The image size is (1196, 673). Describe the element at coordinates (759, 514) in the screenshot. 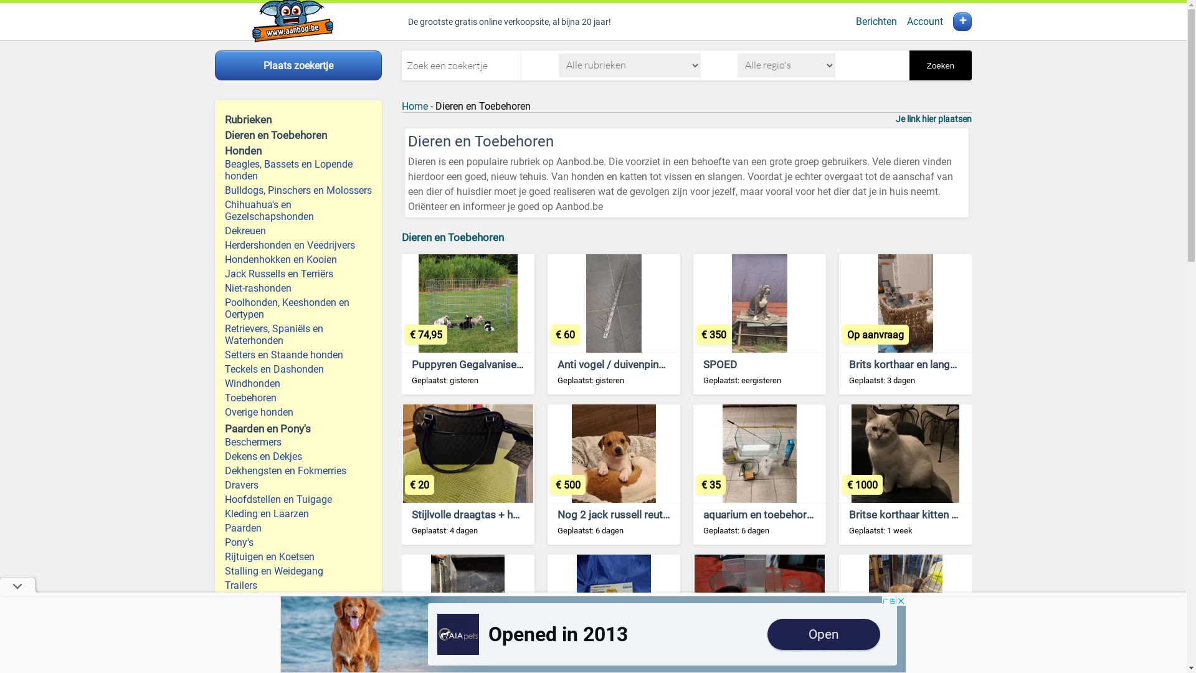

I see `'aquarium en toebehoren'` at that location.